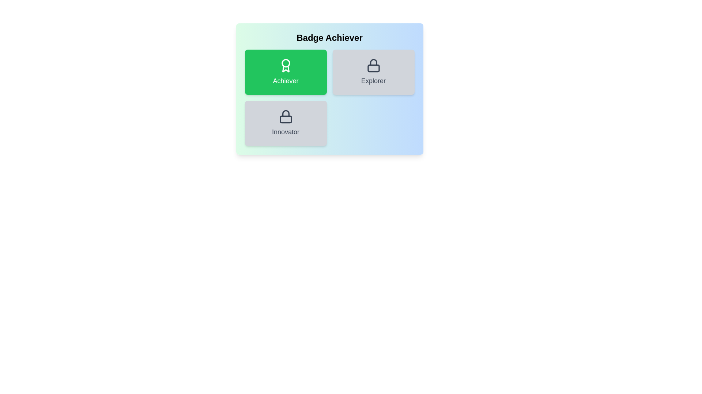  Describe the element at coordinates (285, 72) in the screenshot. I see `the 'Achiever' badge to inspect its details` at that location.